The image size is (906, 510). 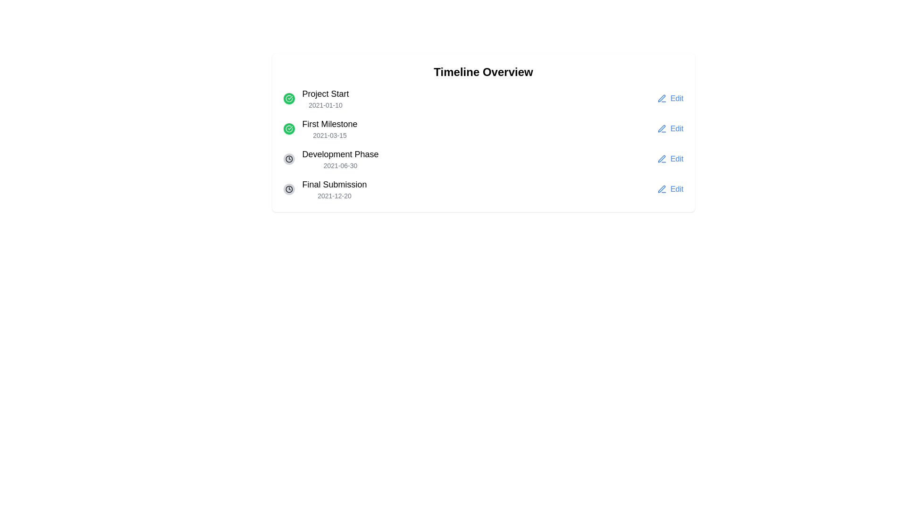 I want to click on the static text displaying the date '2021-03-15', which is located beneath the title 'First Milestone' in the timeline overview list, so click(x=330, y=135).